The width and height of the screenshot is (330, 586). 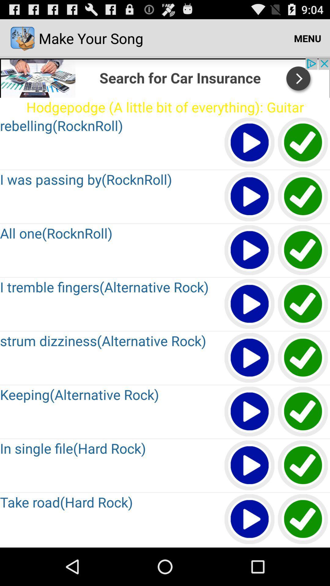 What do you see at coordinates (303, 465) in the screenshot?
I see `save your song` at bounding box center [303, 465].